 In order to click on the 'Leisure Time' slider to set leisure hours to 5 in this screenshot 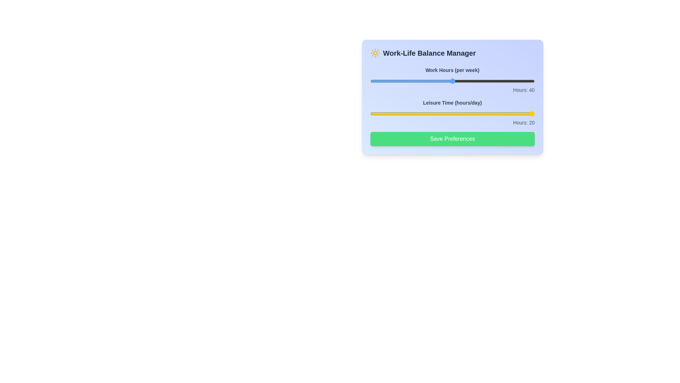, I will do `click(431, 113)`.